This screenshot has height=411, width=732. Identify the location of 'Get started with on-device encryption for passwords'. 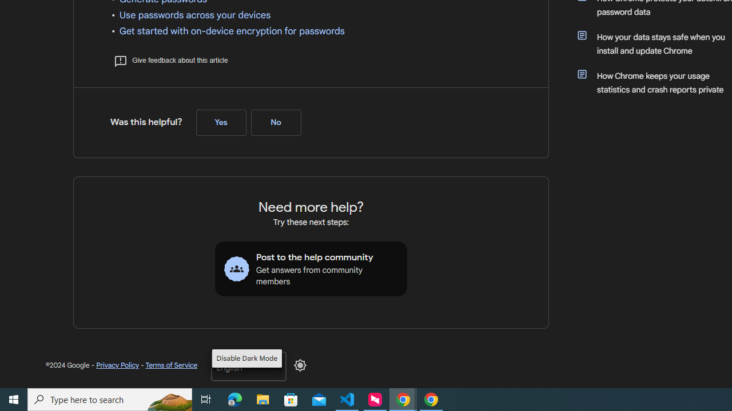
(231, 30).